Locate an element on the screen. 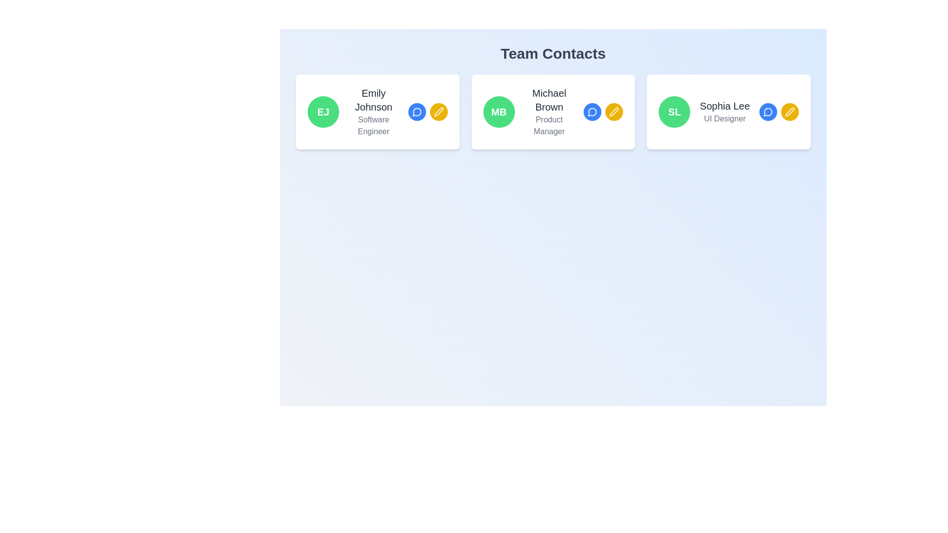  the pen icon button, which is styled in bright yellow with white outlines, located on the bottom right side of the information card for 'Sophia Lee' is located at coordinates (789, 112).